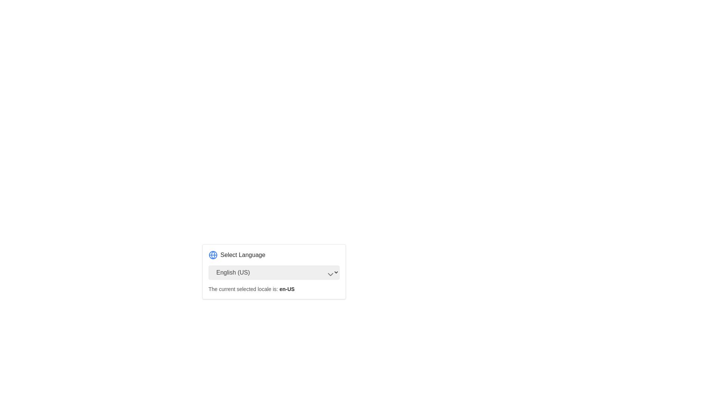 This screenshot has height=404, width=718. What do you see at coordinates (251, 288) in the screenshot?
I see `the informative text element that indicates the currently selected locale, located below the 'English (US)' dropdown in the language selection form` at bounding box center [251, 288].